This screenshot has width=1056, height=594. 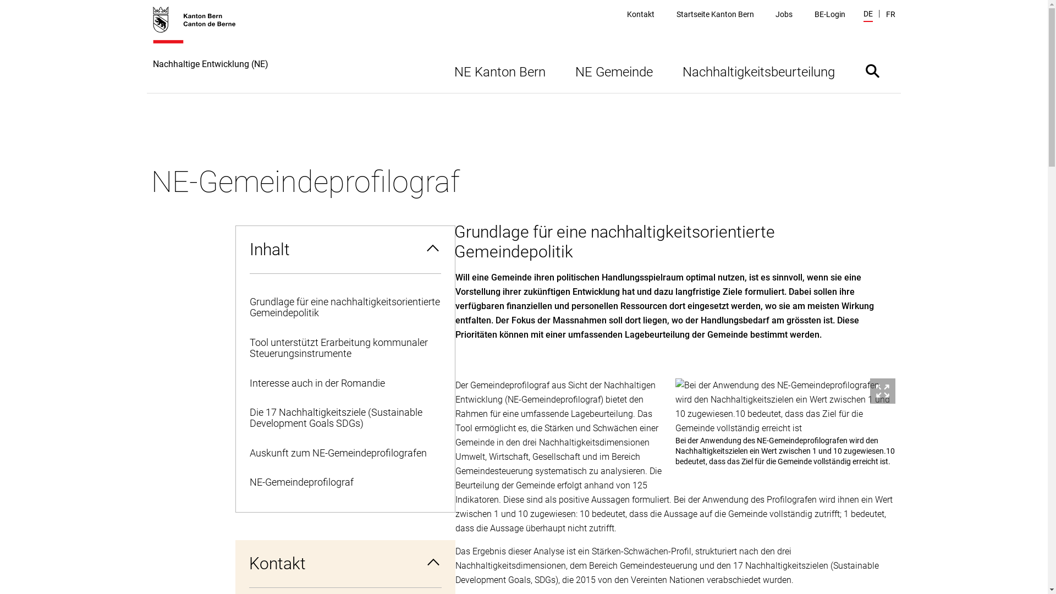 I want to click on 'Jobs', so click(x=775, y=14).